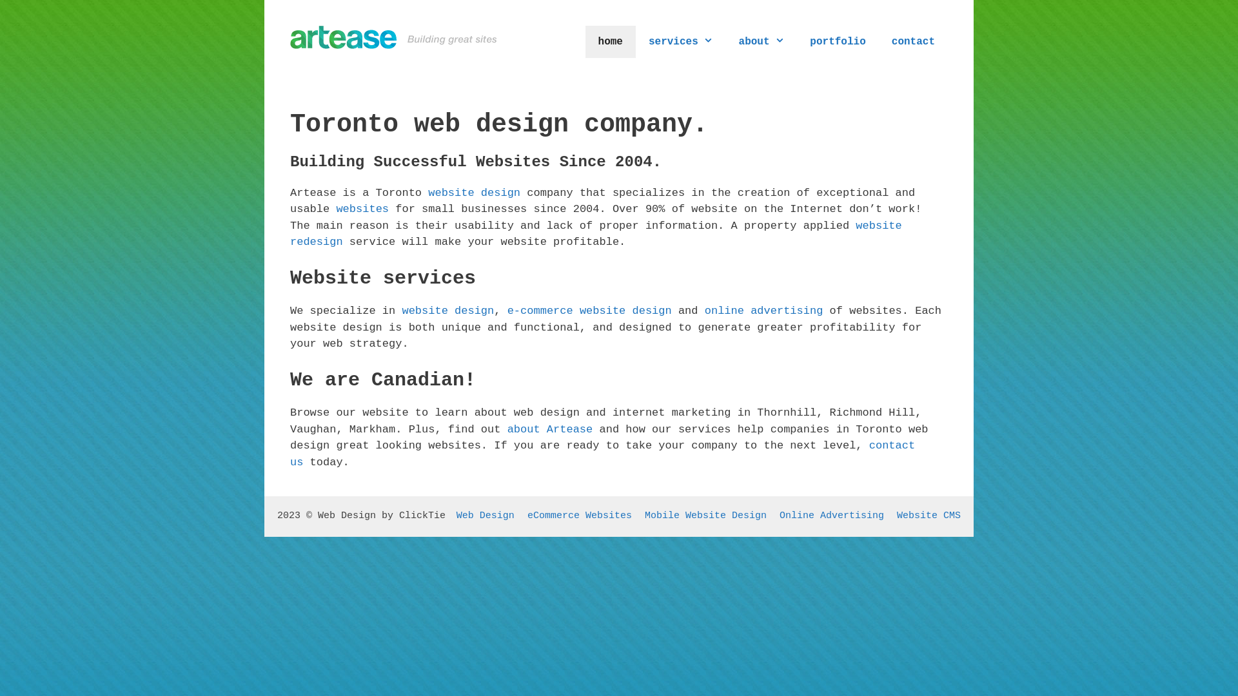  What do you see at coordinates (457, 515) in the screenshot?
I see `'Web Design'` at bounding box center [457, 515].